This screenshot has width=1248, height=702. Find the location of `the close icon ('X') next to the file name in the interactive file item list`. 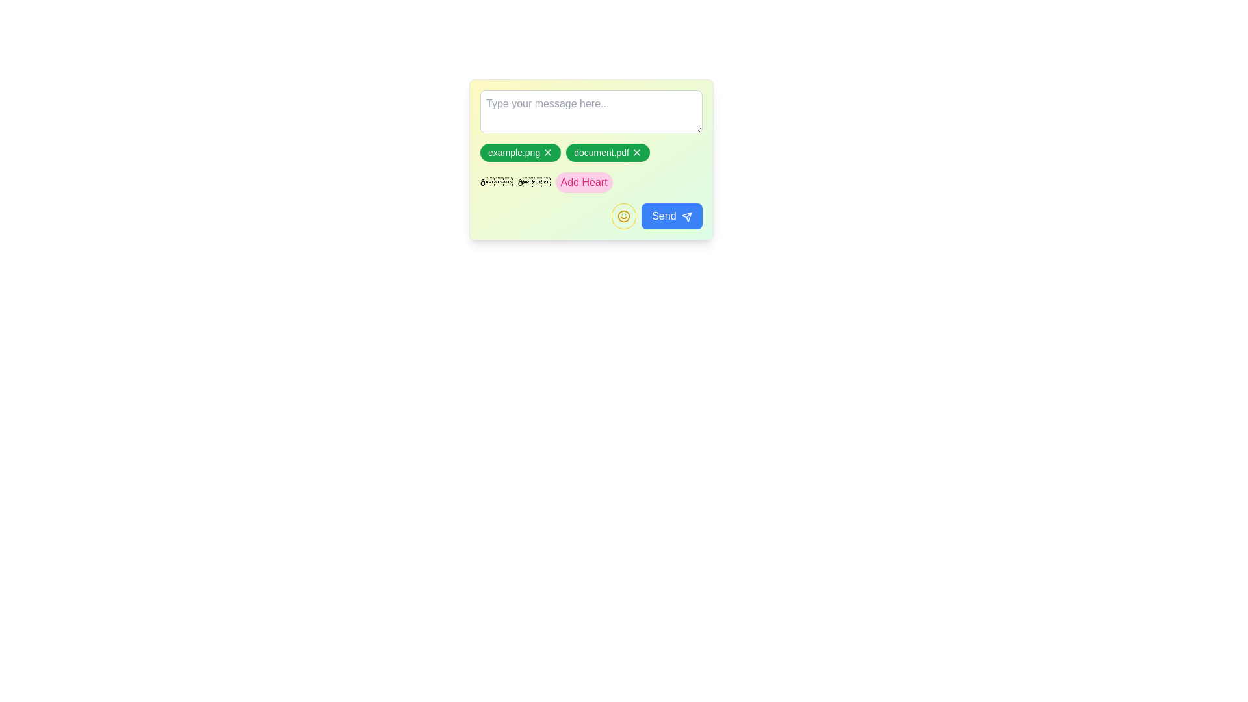

the close icon ('X') next to the file name in the interactive file item list is located at coordinates (591, 152).